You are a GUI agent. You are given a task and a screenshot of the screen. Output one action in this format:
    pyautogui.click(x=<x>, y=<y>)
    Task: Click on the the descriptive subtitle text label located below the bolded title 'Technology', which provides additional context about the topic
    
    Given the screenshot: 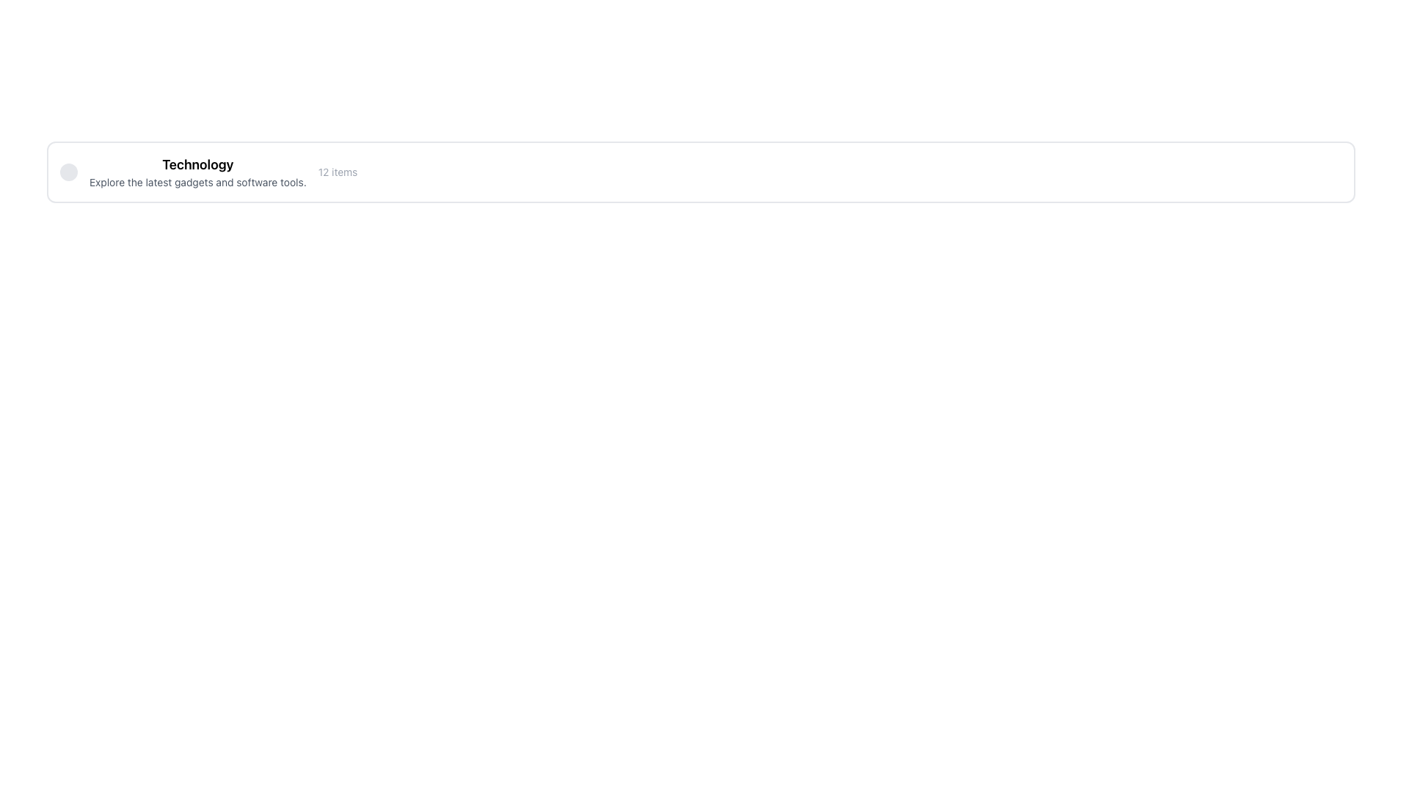 What is the action you would take?
    pyautogui.click(x=197, y=182)
    